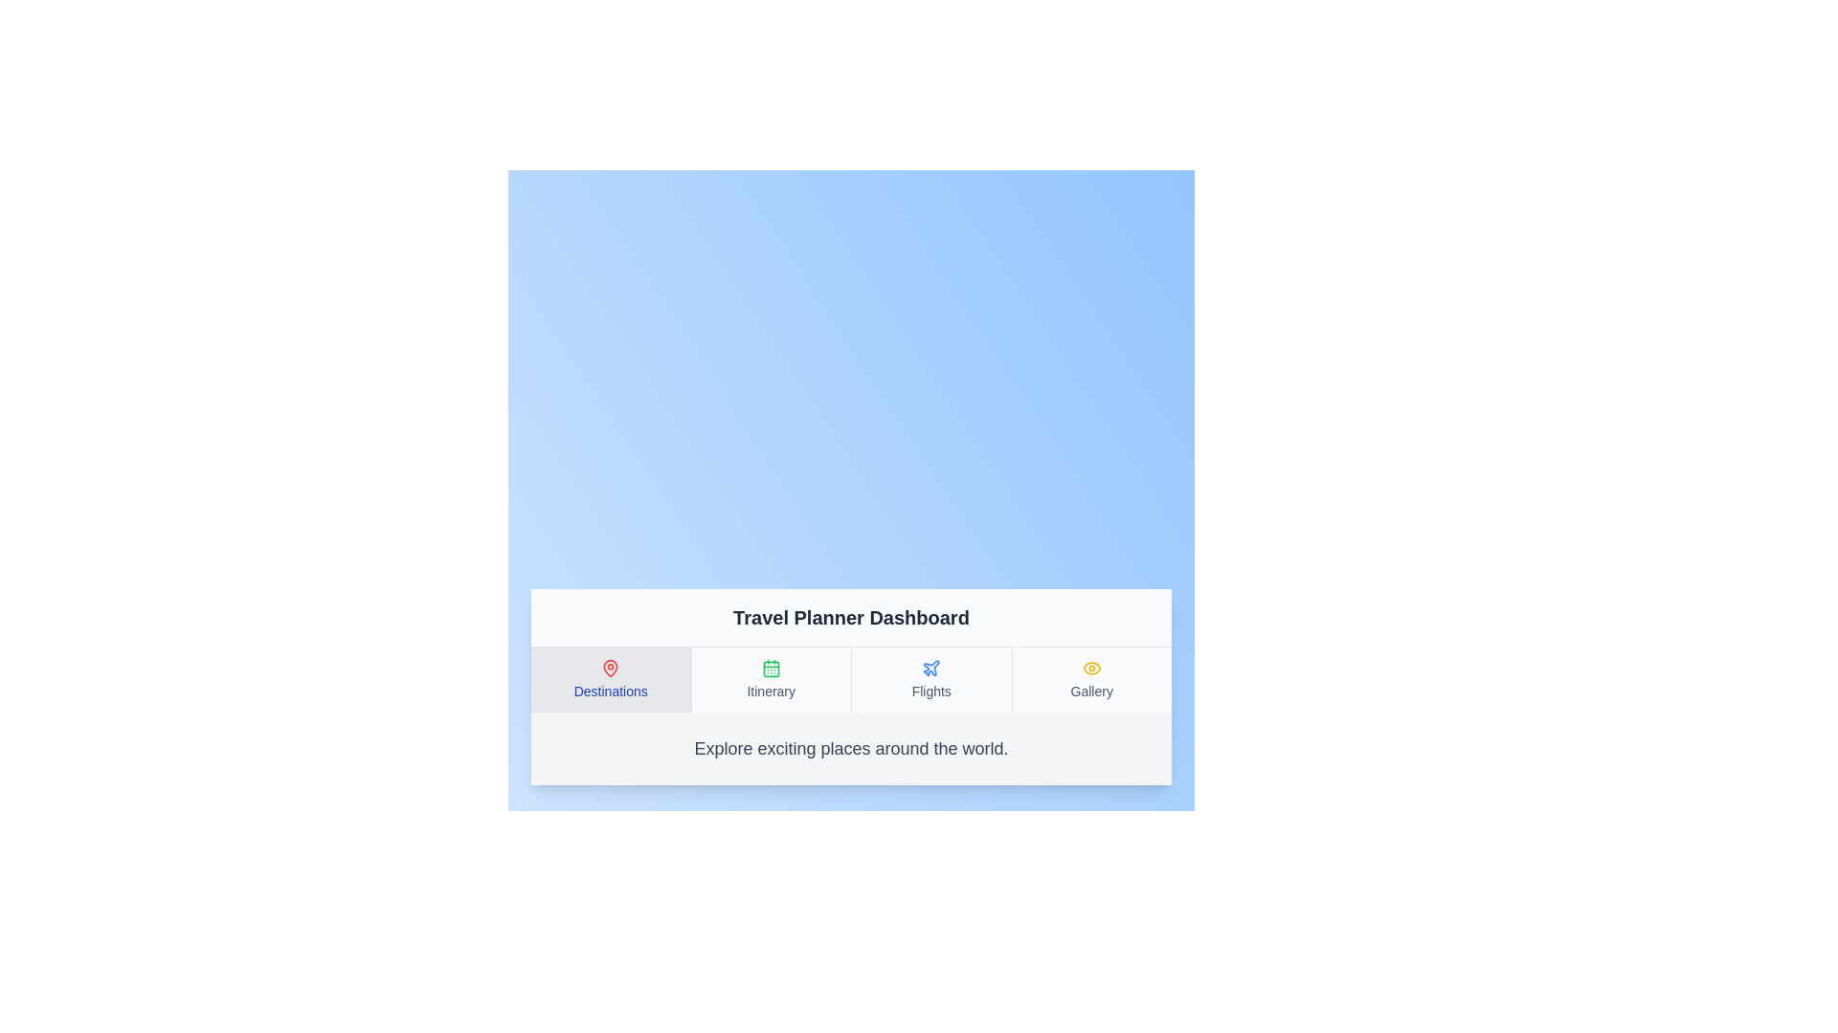 The width and height of the screenshot is (1838, 1033). I want to click on the 'Flights' navigation link, which is the third item from the left, featuring a blue outlined plane icon above the text 'Flights', so click(931, 678).